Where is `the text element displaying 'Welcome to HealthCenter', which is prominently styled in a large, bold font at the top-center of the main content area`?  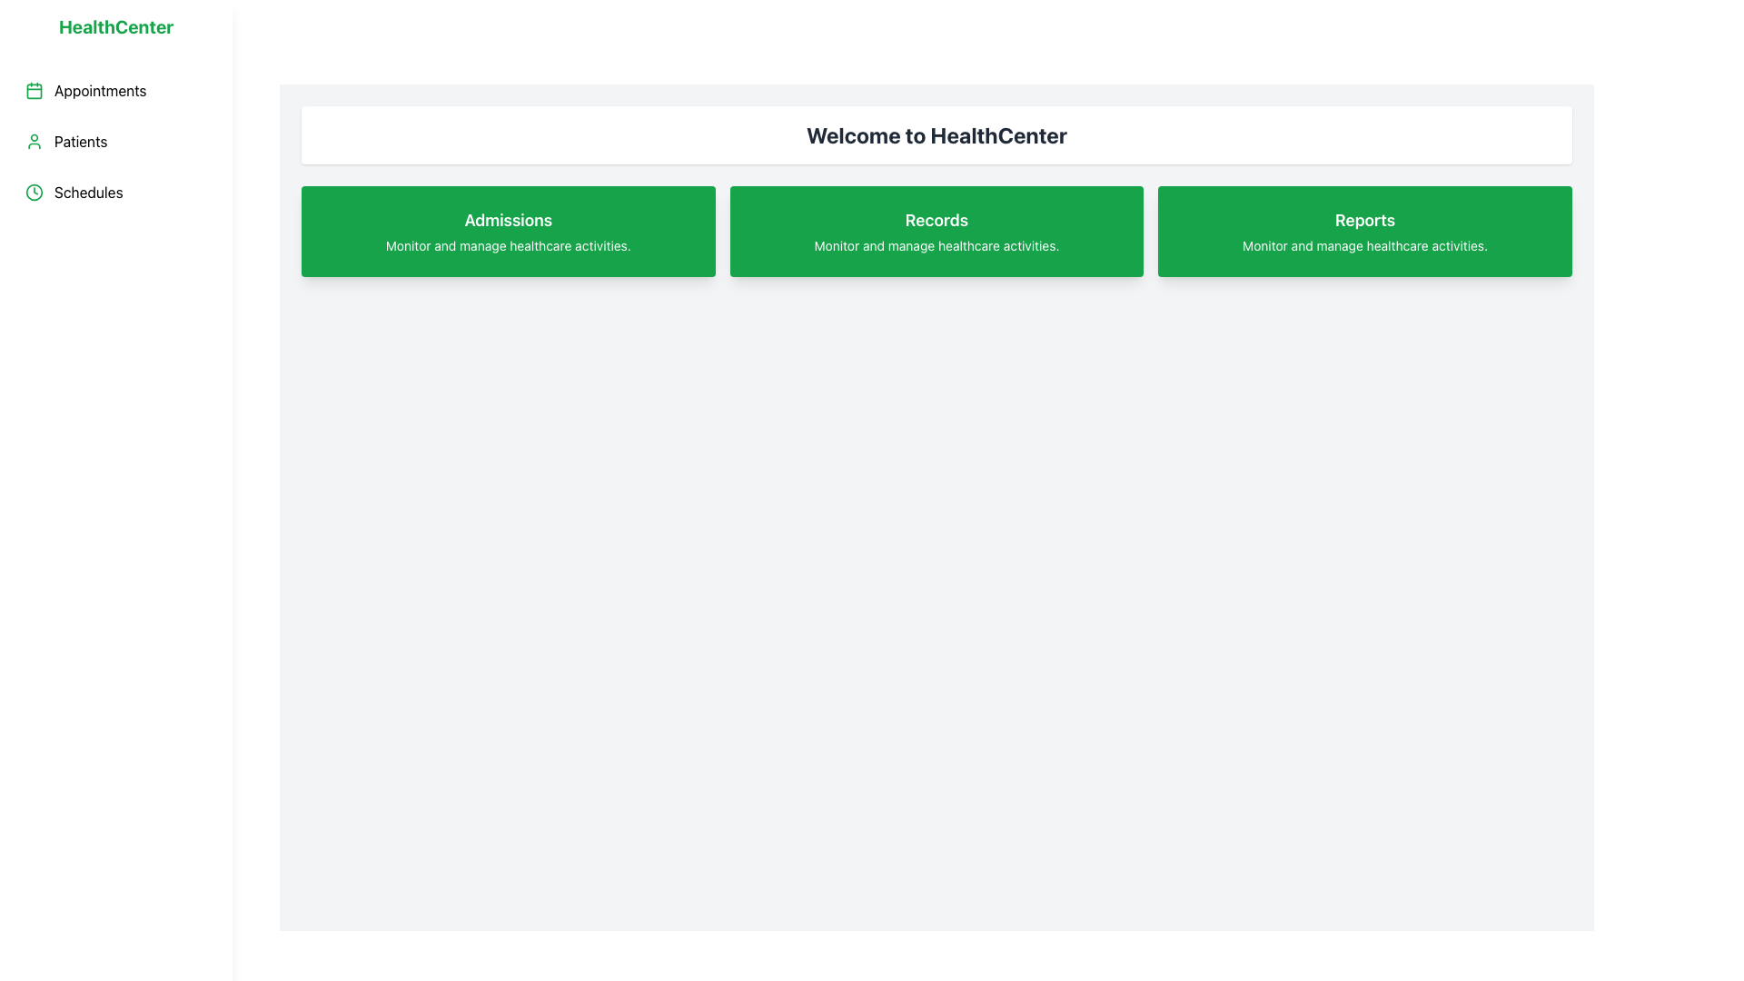
the text element displaying 'Welcome to HealthCenter', which is prominently styled in a large, bold font at the top-center of the main content area is located at coordinates (936, 134).